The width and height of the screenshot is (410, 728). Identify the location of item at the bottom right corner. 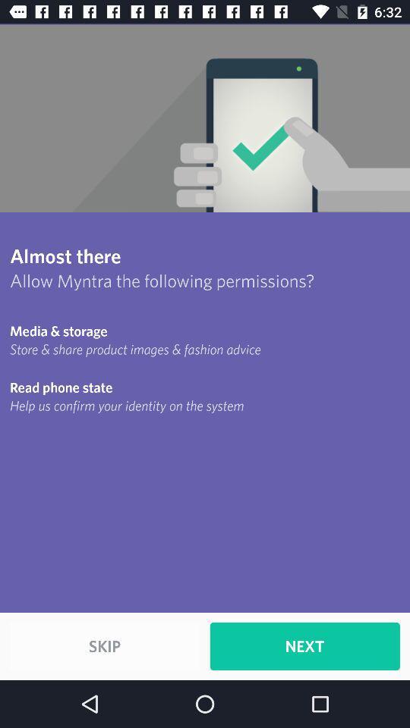
(304, 645).